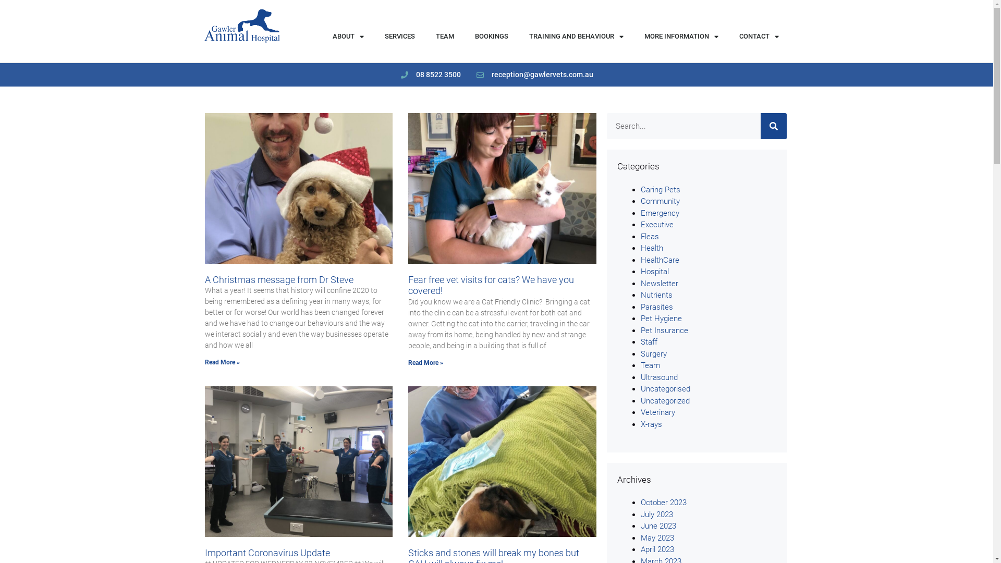 Image resolution: width=1001 pixels, height=563 pixels. I want to click on 'Health', so click(640, 248).